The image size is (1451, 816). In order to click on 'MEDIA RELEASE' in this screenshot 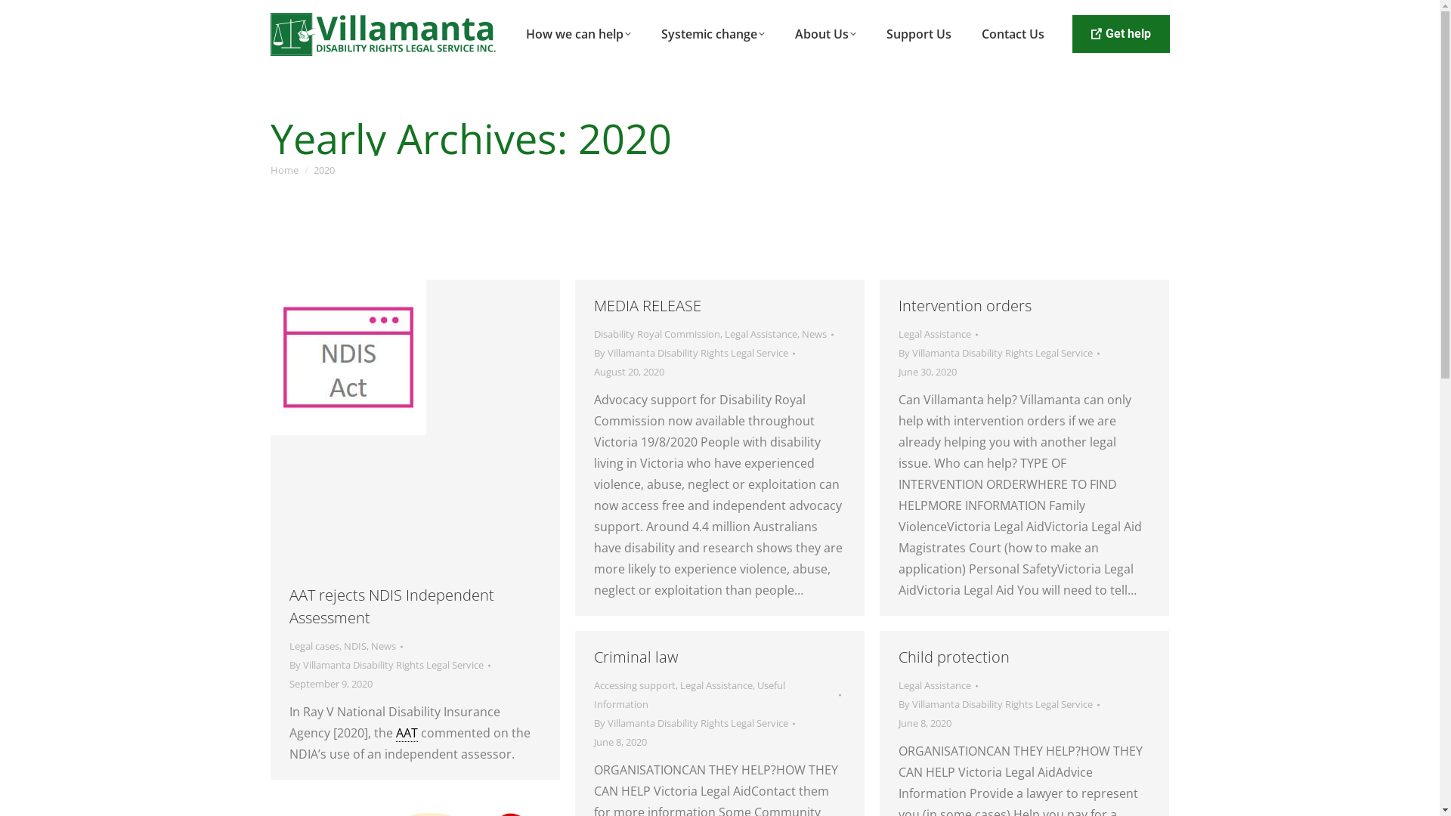, I will do `click(648, 305)`.